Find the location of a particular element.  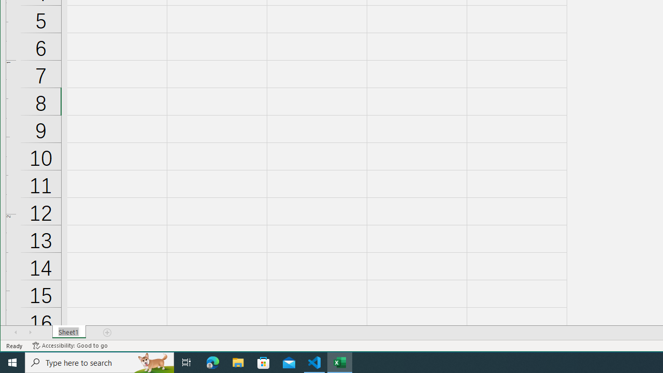

'Microsoft Edge' is located at coordinates (212, 362).